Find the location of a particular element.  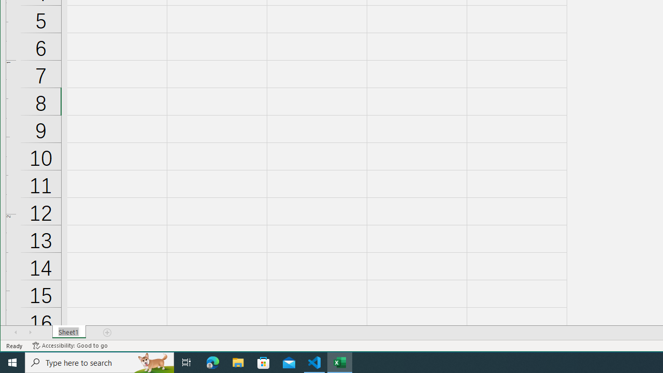

'Microsoft Edge' is located at coordinates (212, 362).